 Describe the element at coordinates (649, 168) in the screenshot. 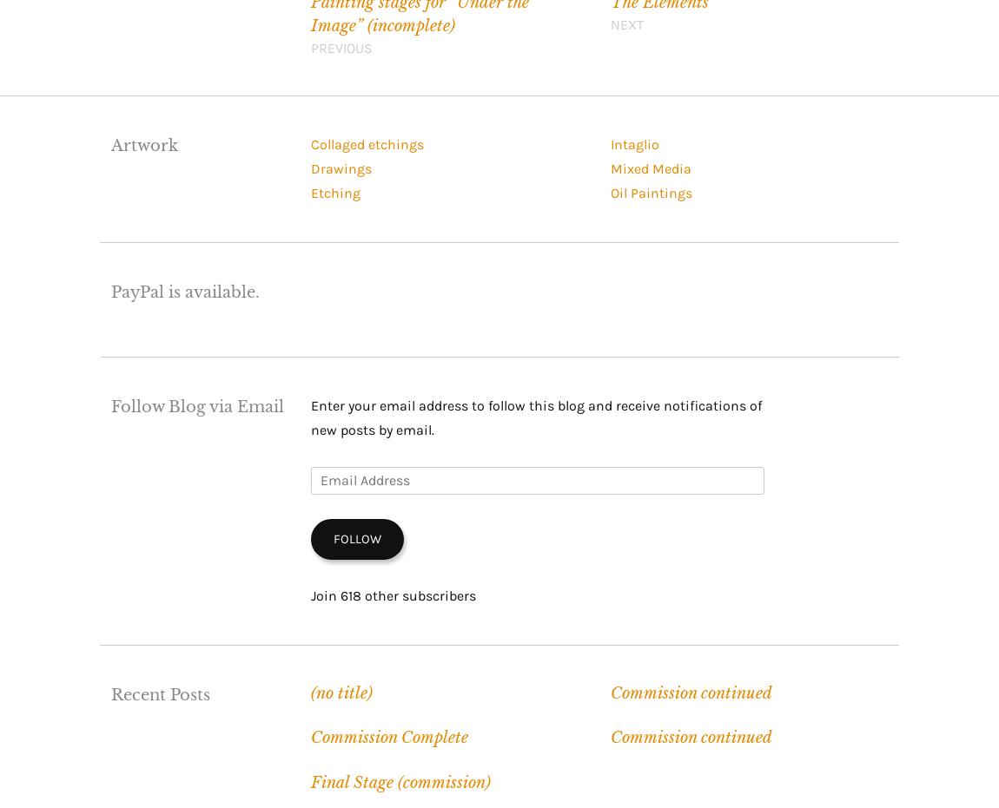

I see `'Mixed Media'` at that location.